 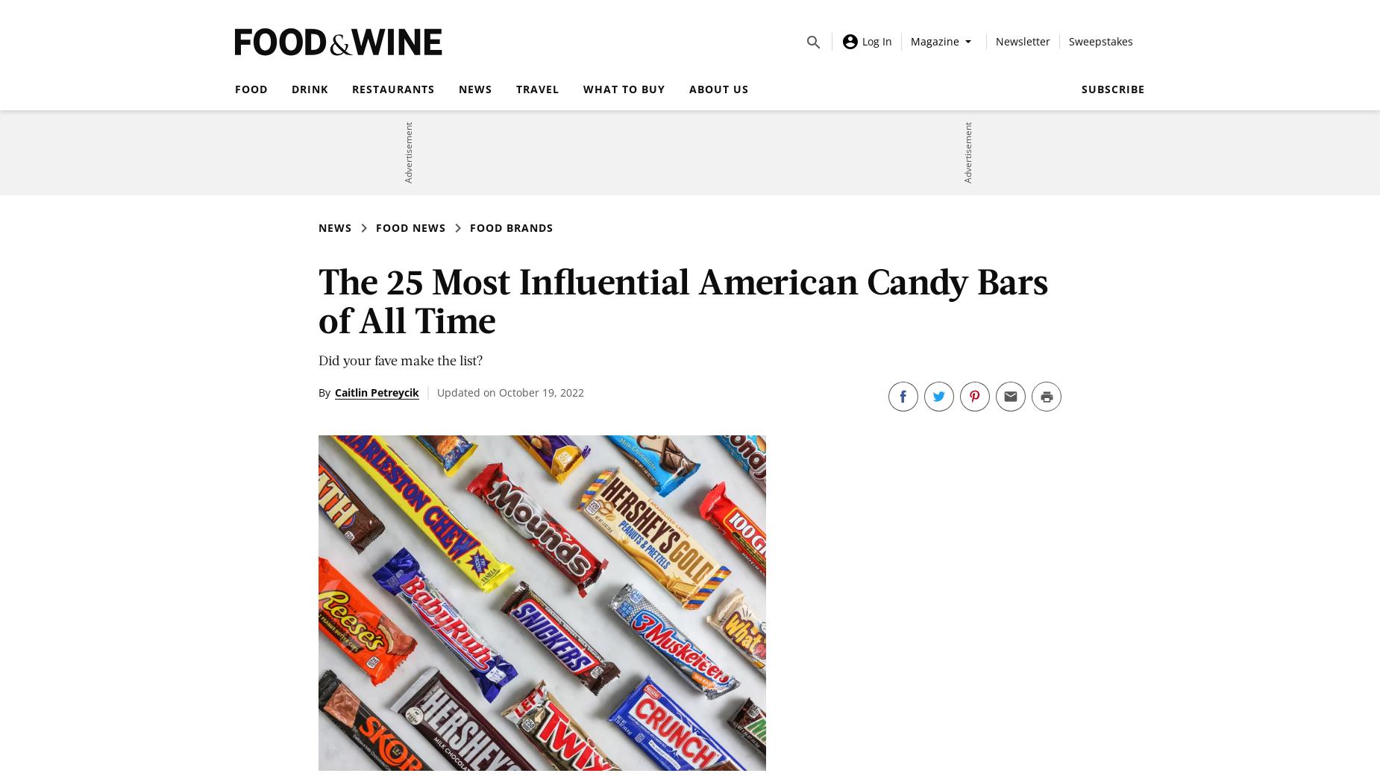 What do you see at coordinates (251, 88) in the screenshot?
I see `'Food'` at bounding box center [251, 88].